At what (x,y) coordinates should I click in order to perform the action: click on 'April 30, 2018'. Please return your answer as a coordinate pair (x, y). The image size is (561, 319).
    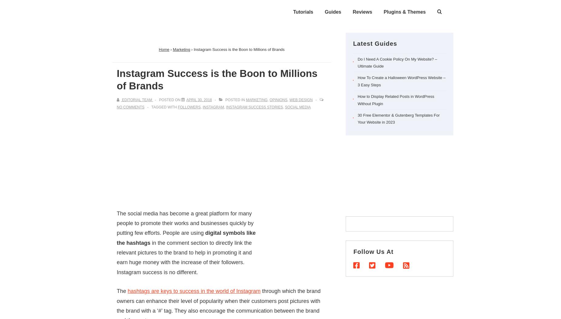
    Looking at the image, I should click on (199, 100).